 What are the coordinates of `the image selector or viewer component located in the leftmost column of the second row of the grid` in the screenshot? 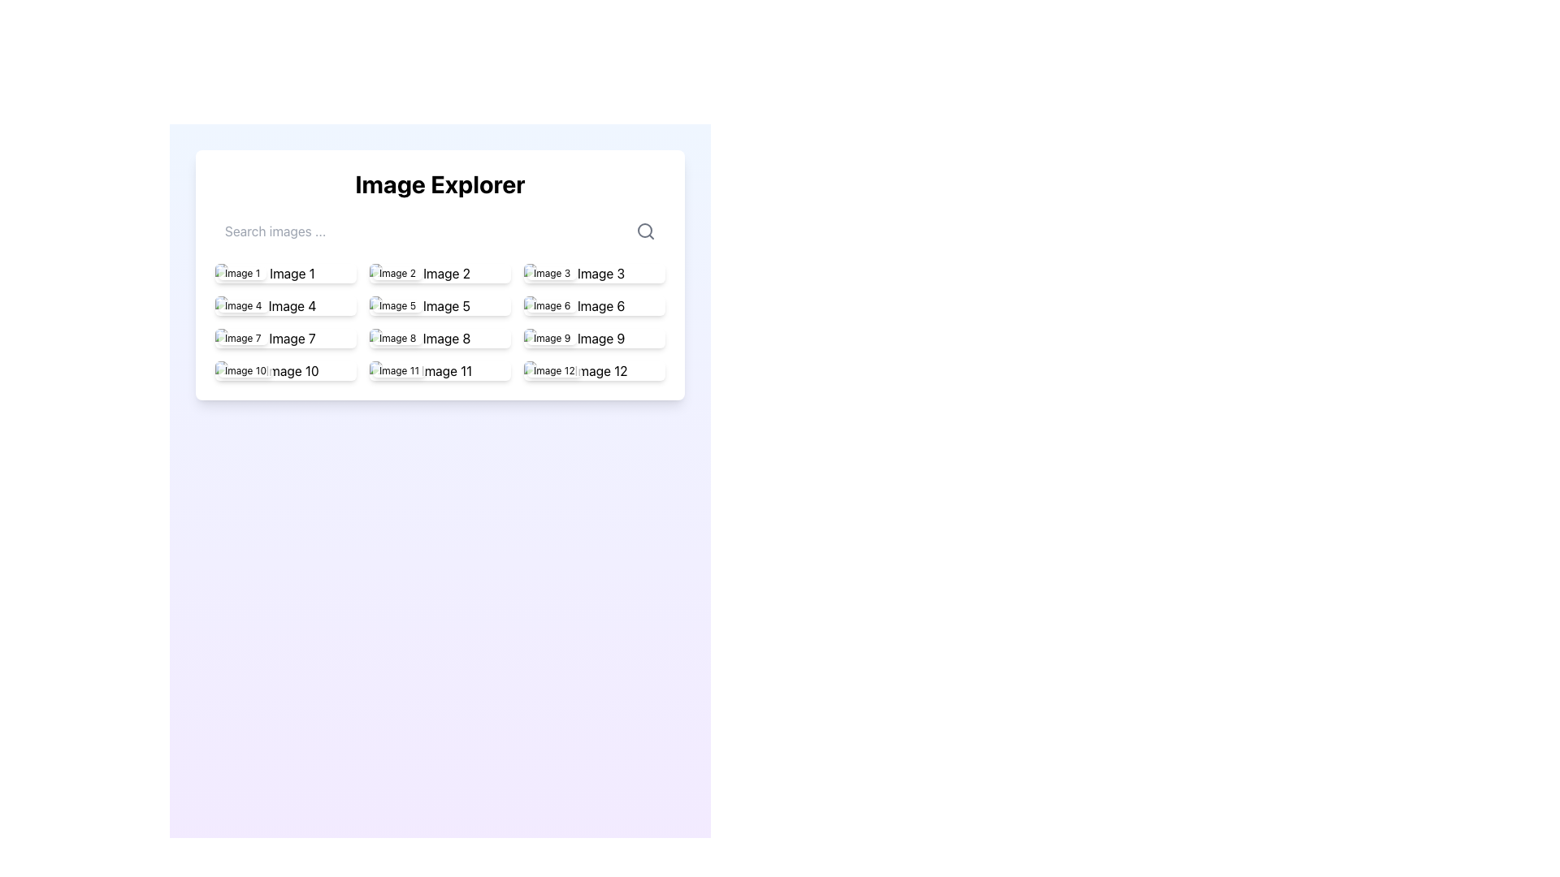 It's located at (285, 306).